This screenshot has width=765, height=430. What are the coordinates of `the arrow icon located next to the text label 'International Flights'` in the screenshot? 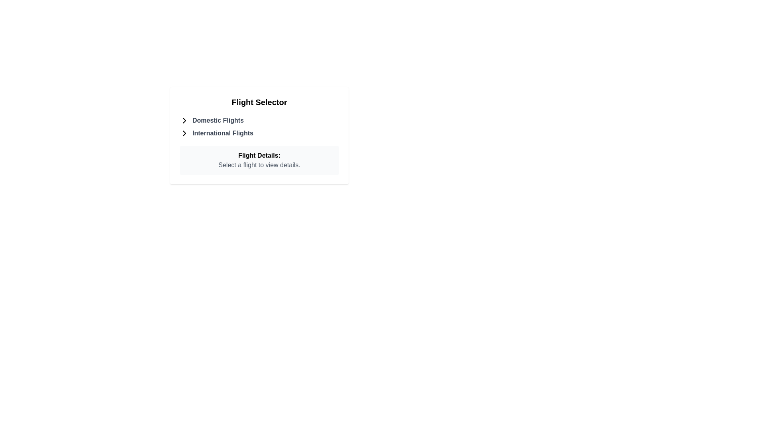 It's located at (184, 133).